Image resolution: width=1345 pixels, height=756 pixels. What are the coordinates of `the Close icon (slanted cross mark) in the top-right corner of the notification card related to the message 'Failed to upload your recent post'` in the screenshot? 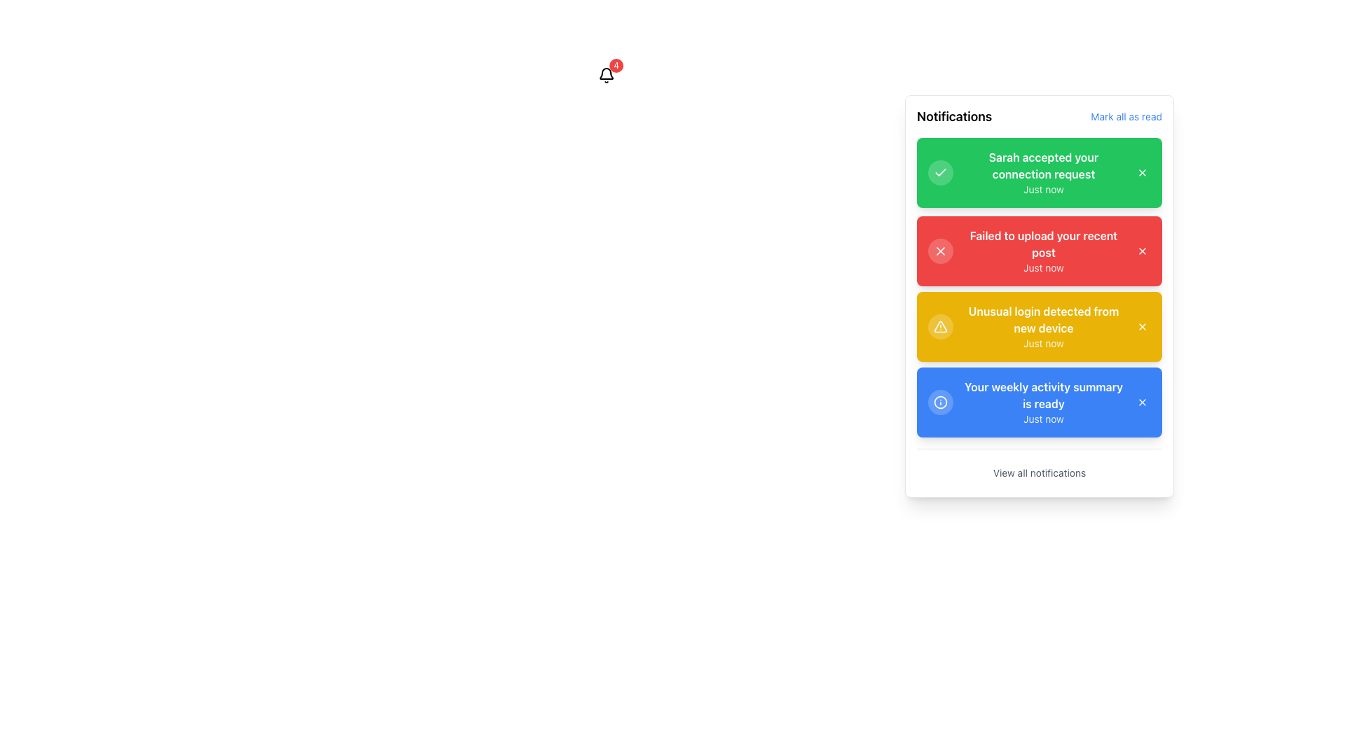 It's located at (941, 250).